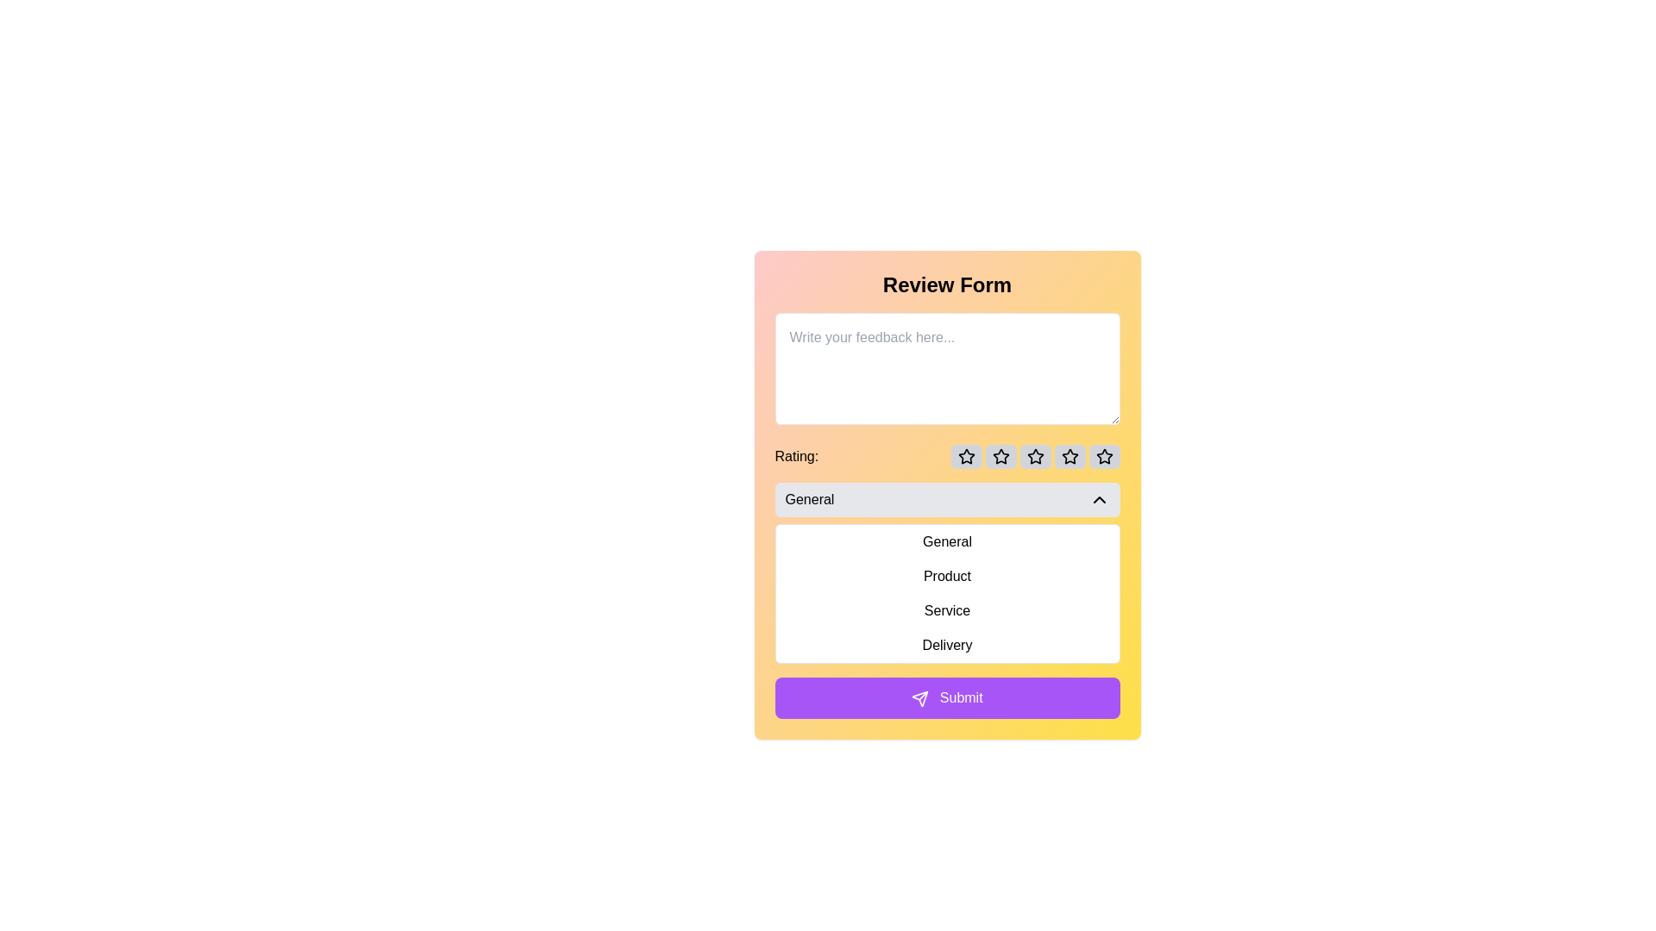  What do you see at coordinates (964, 454) in the screenshot?
I see `the first star-shaped icon in the five-star rating system located below the 'Rating:' label` at bounding box center [964, 454].